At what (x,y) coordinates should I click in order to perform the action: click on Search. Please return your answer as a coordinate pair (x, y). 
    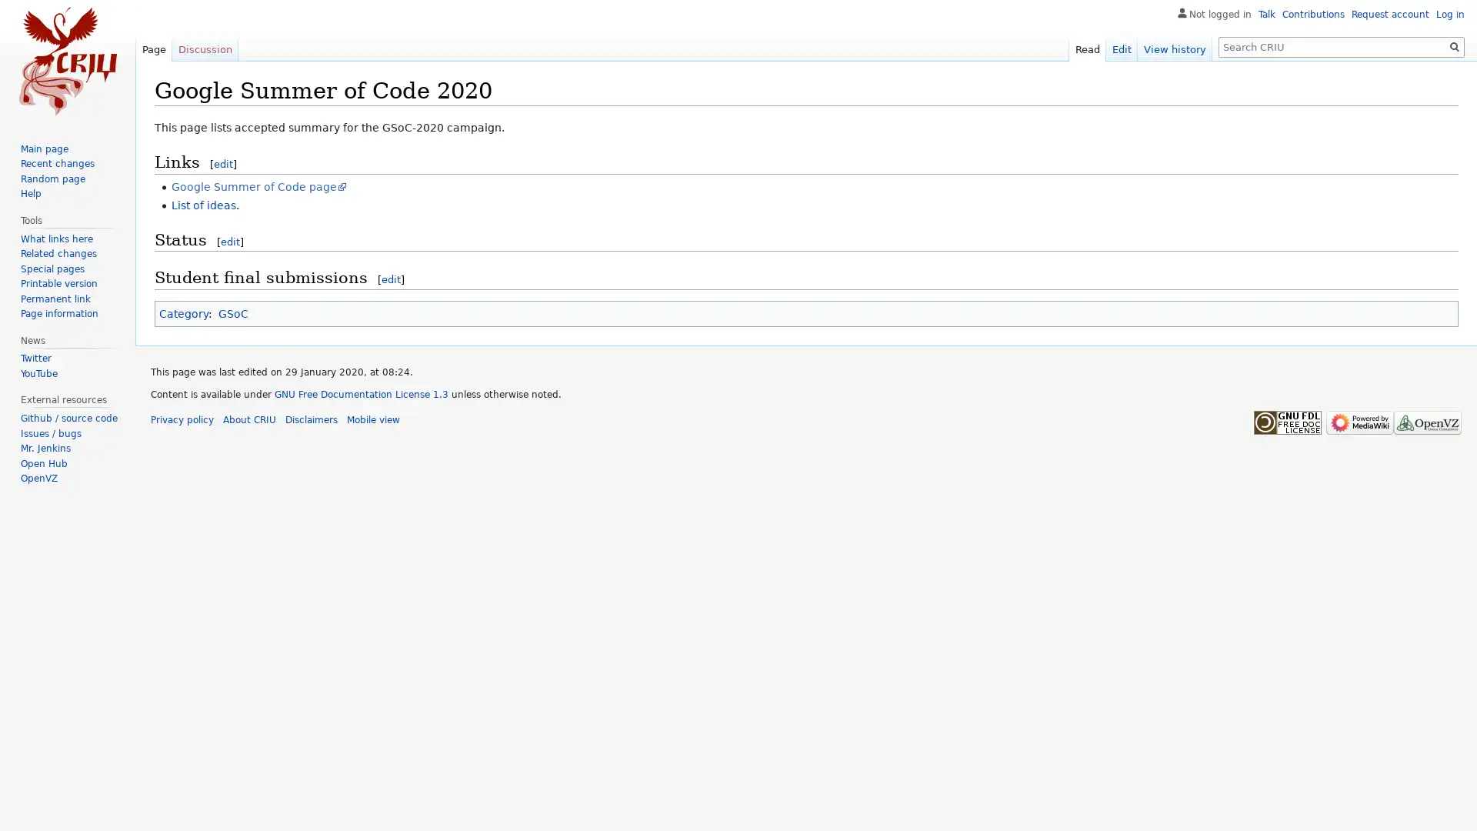
    Looking at the image, I should click on (1454, 46).